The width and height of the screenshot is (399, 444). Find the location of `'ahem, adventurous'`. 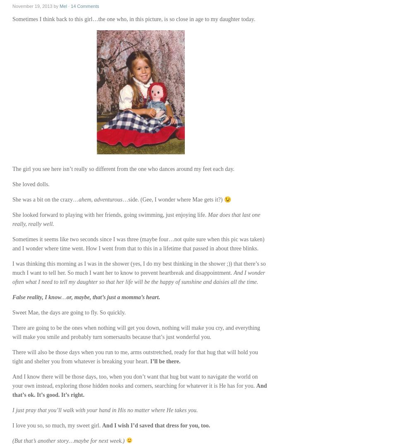

'ahem, adventurous' is located at coordinates (100, 199).